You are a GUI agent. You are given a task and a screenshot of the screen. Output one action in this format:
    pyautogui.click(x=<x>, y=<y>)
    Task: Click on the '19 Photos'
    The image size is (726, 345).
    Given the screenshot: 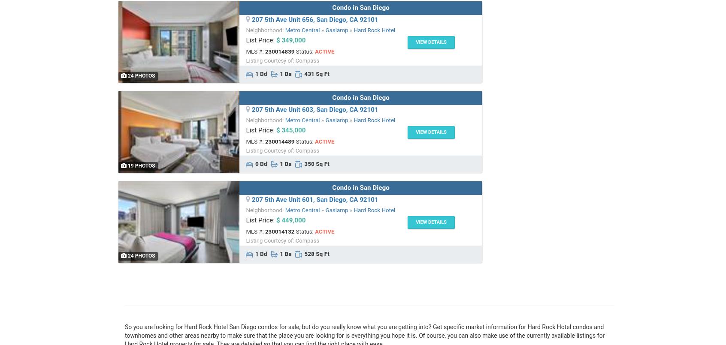 What is the action you would take?
    pyautogui.click(x=126, y=165)
    